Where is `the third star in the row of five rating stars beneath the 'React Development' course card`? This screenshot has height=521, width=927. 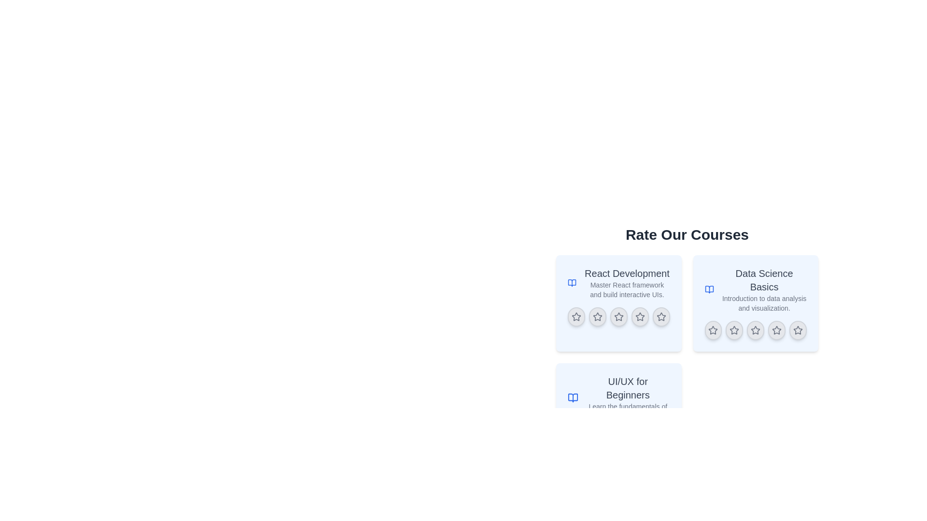 the third star in the row of five rating stars beneath the 'React Development' course card is located at coordinates (618, 316).